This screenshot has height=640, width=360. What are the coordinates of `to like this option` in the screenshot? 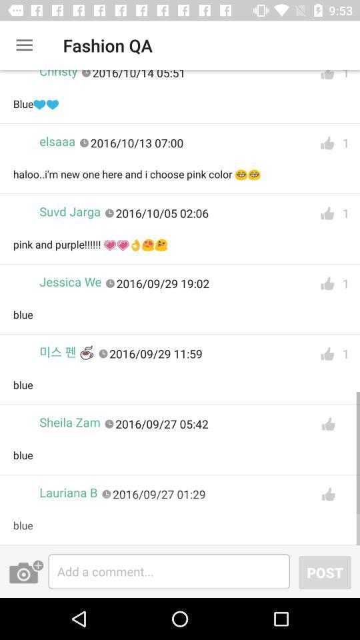 It's located at (327, 283).